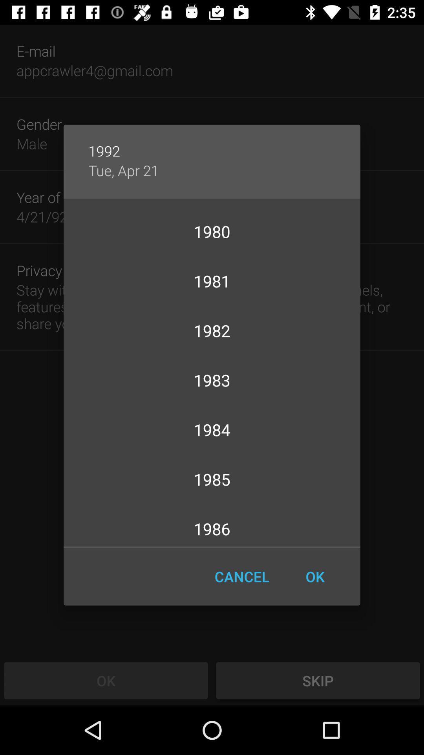 This screenshot has height=755, width=424. Describe the element at coordinates (124, 170) in the screenshot. I see `app at the top left corner` at that location.